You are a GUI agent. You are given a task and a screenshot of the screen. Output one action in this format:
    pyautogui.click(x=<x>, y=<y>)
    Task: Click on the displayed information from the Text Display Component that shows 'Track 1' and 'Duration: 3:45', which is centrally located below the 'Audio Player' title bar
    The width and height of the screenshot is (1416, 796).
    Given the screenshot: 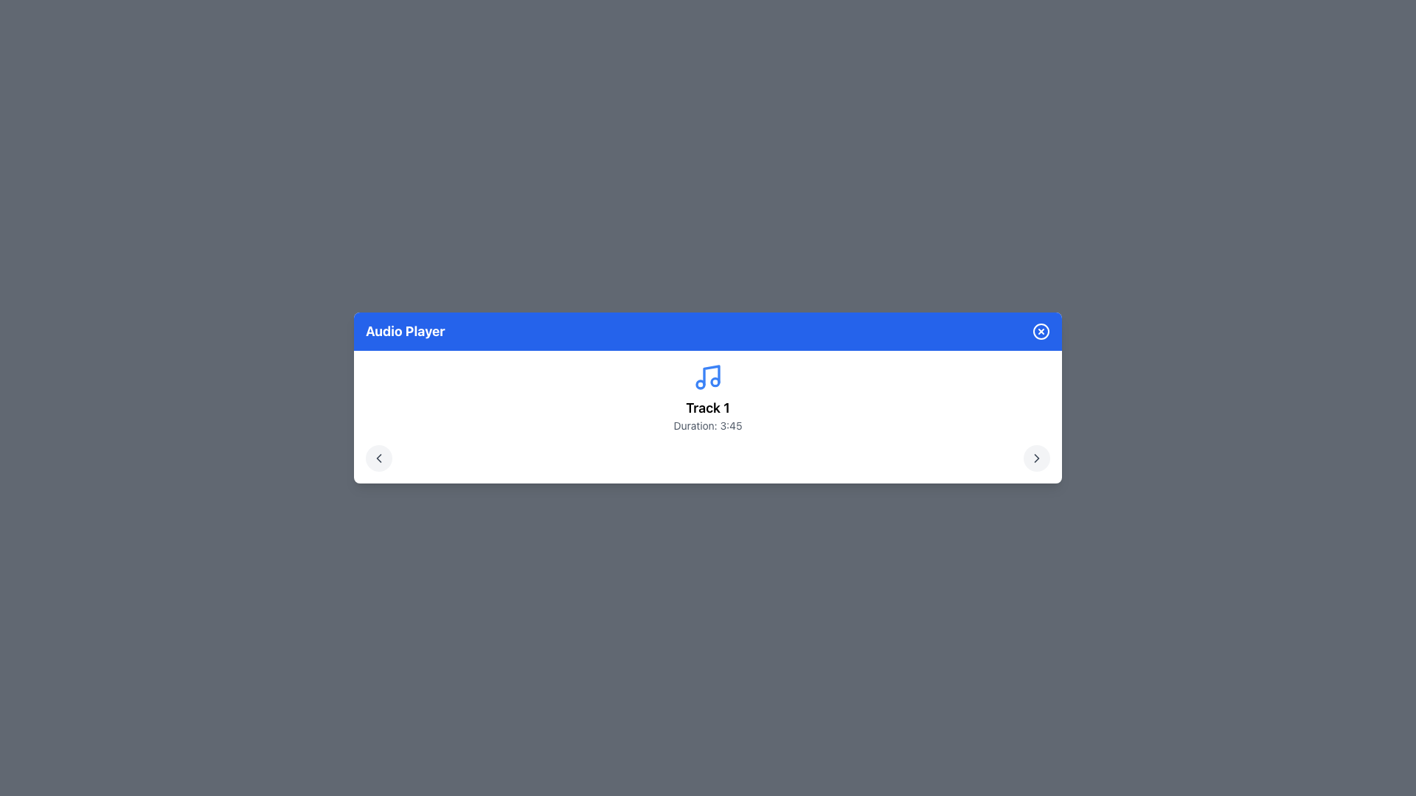 What is the action you would take?
    pyautogui.click(x=708, y=415)
    